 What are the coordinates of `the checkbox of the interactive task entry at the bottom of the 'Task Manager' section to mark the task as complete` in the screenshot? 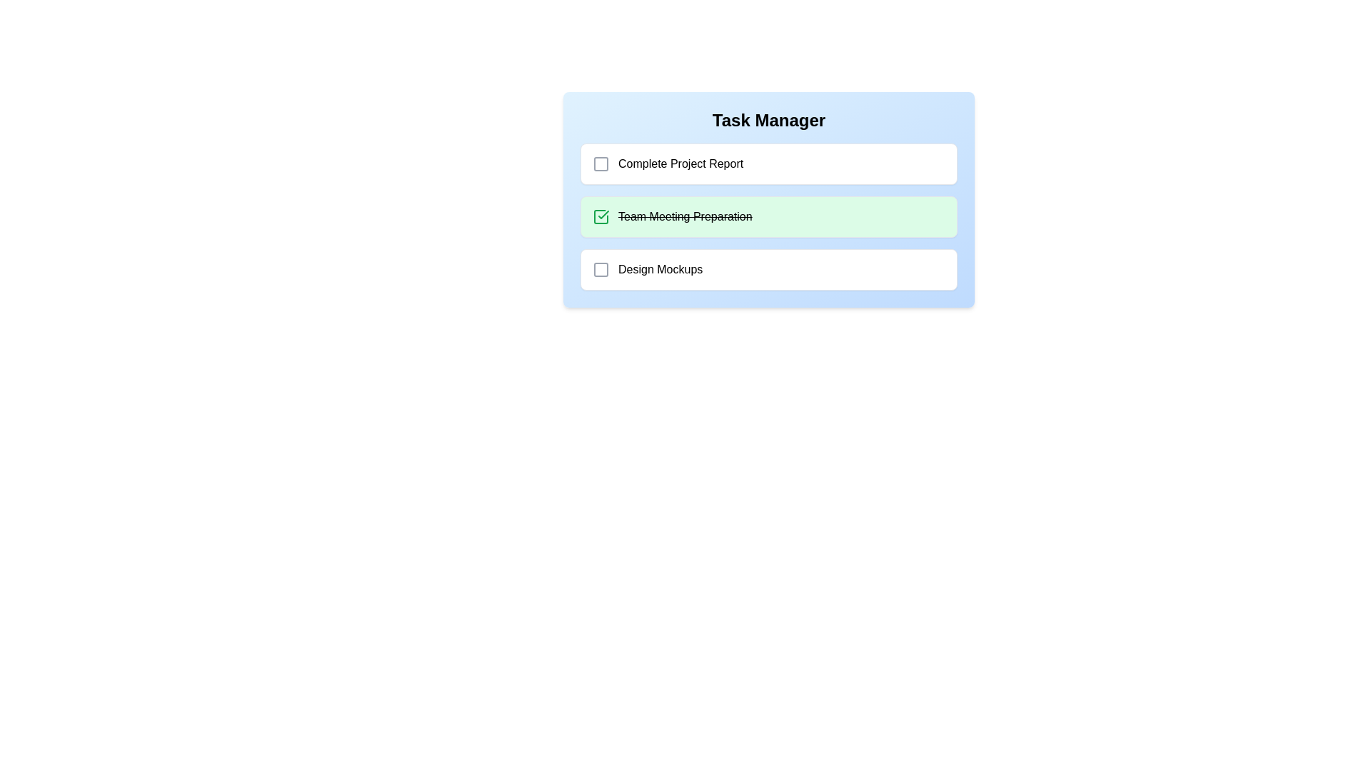 It's located at (768, 270).